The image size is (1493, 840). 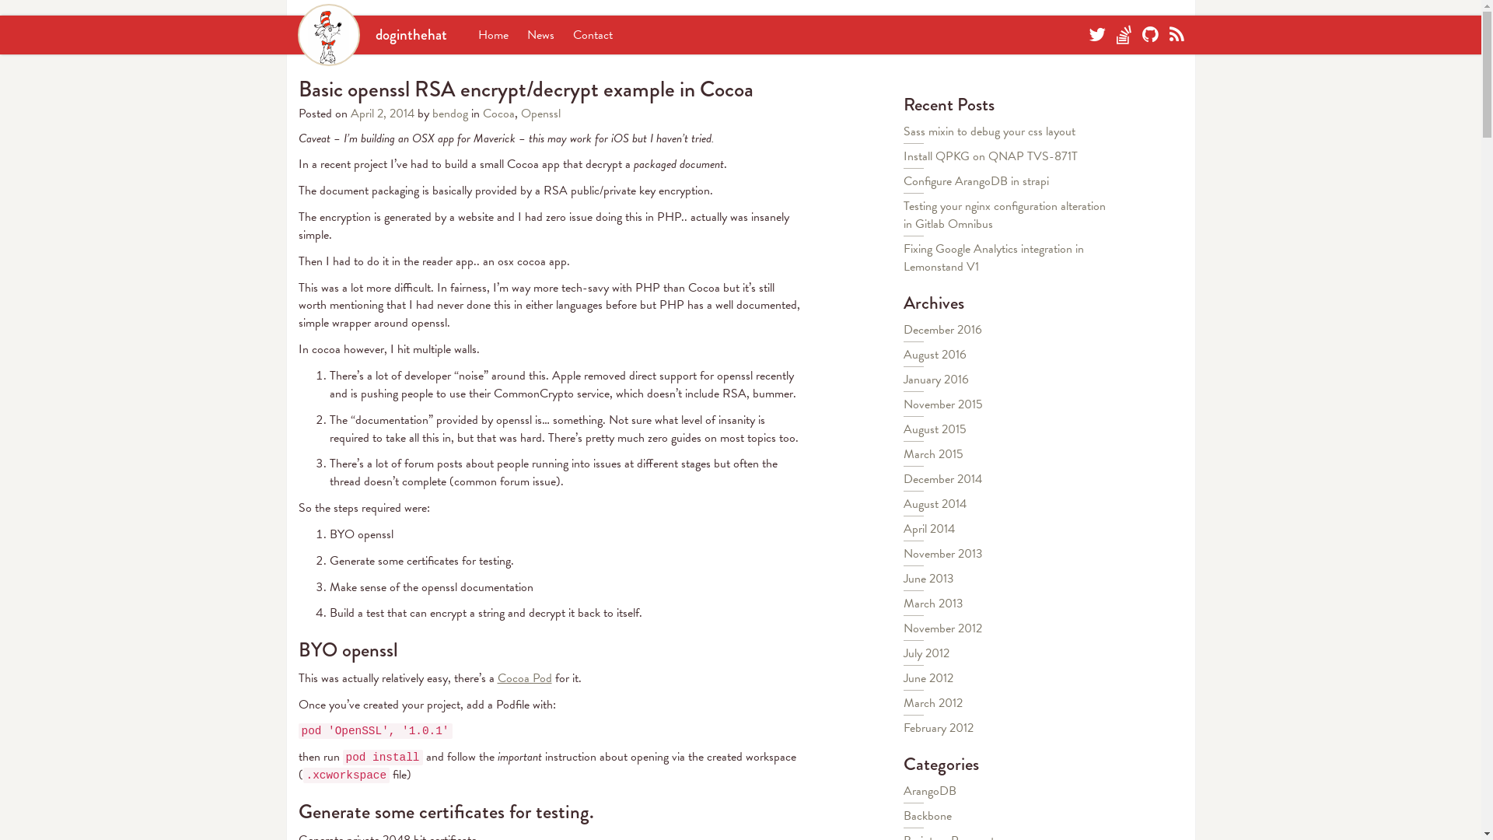 I want to click on 'I seldom post witty comments on Twitter.', so click(x=1096, y=35).